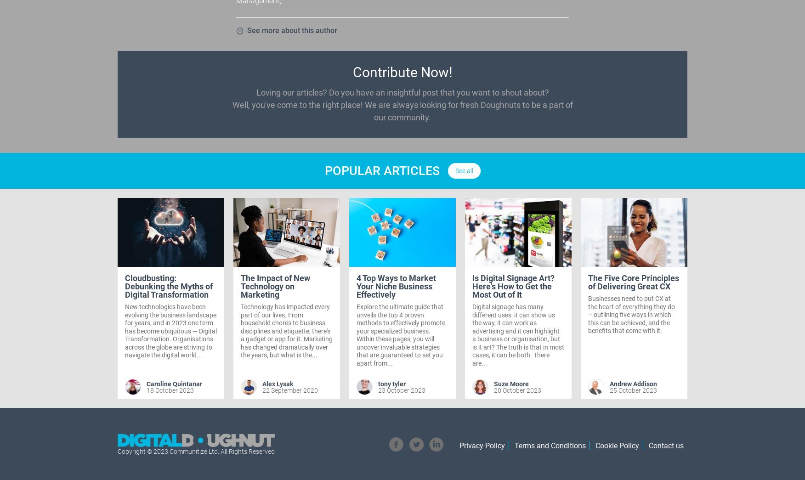 Image resolution: width=805 pixels, height=480 pixels. I want to click on 'Contact us', so click(665, 445).